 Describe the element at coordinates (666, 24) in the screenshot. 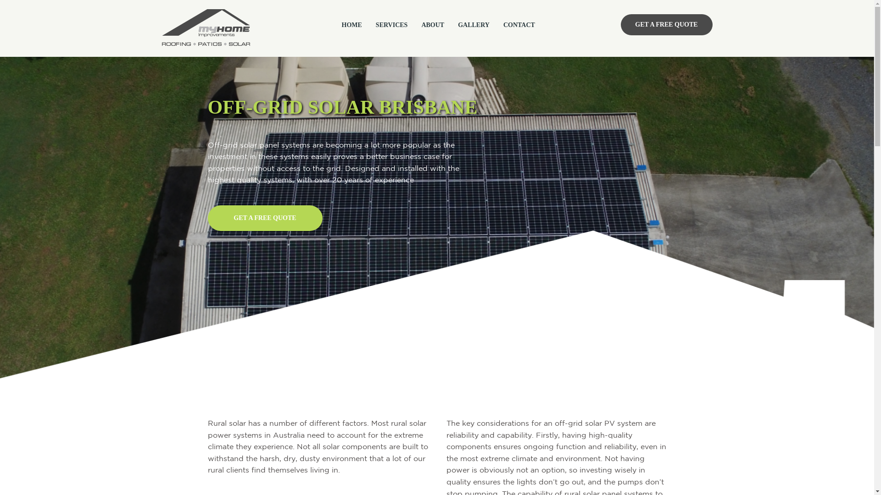

I see `'GET A FREE QUOTE'` at that location.